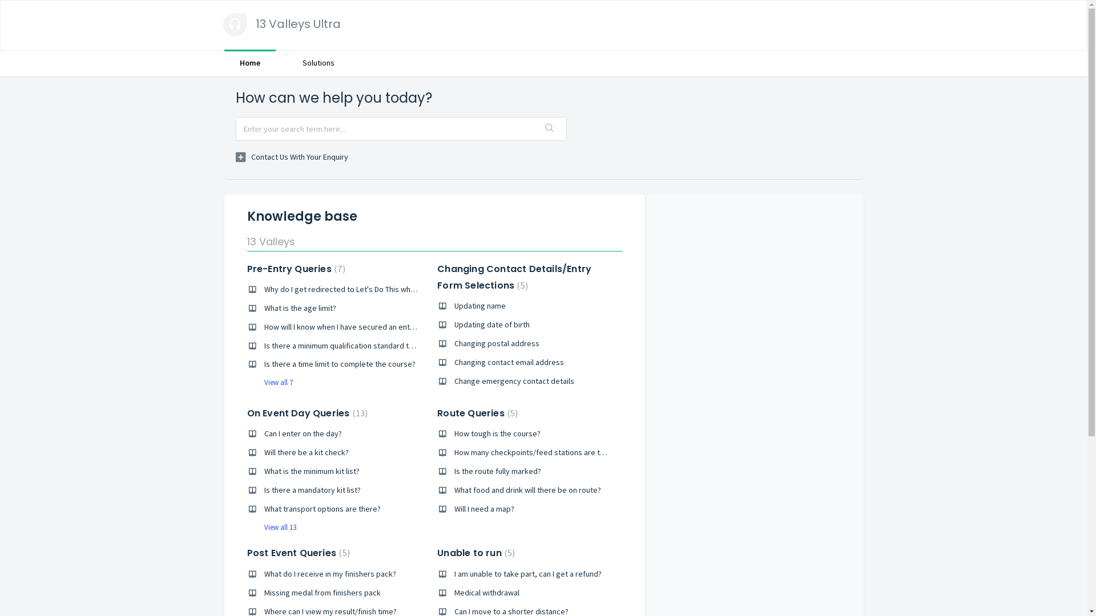  I want to click on 'Will there be a kit check?', so click(306, 452).